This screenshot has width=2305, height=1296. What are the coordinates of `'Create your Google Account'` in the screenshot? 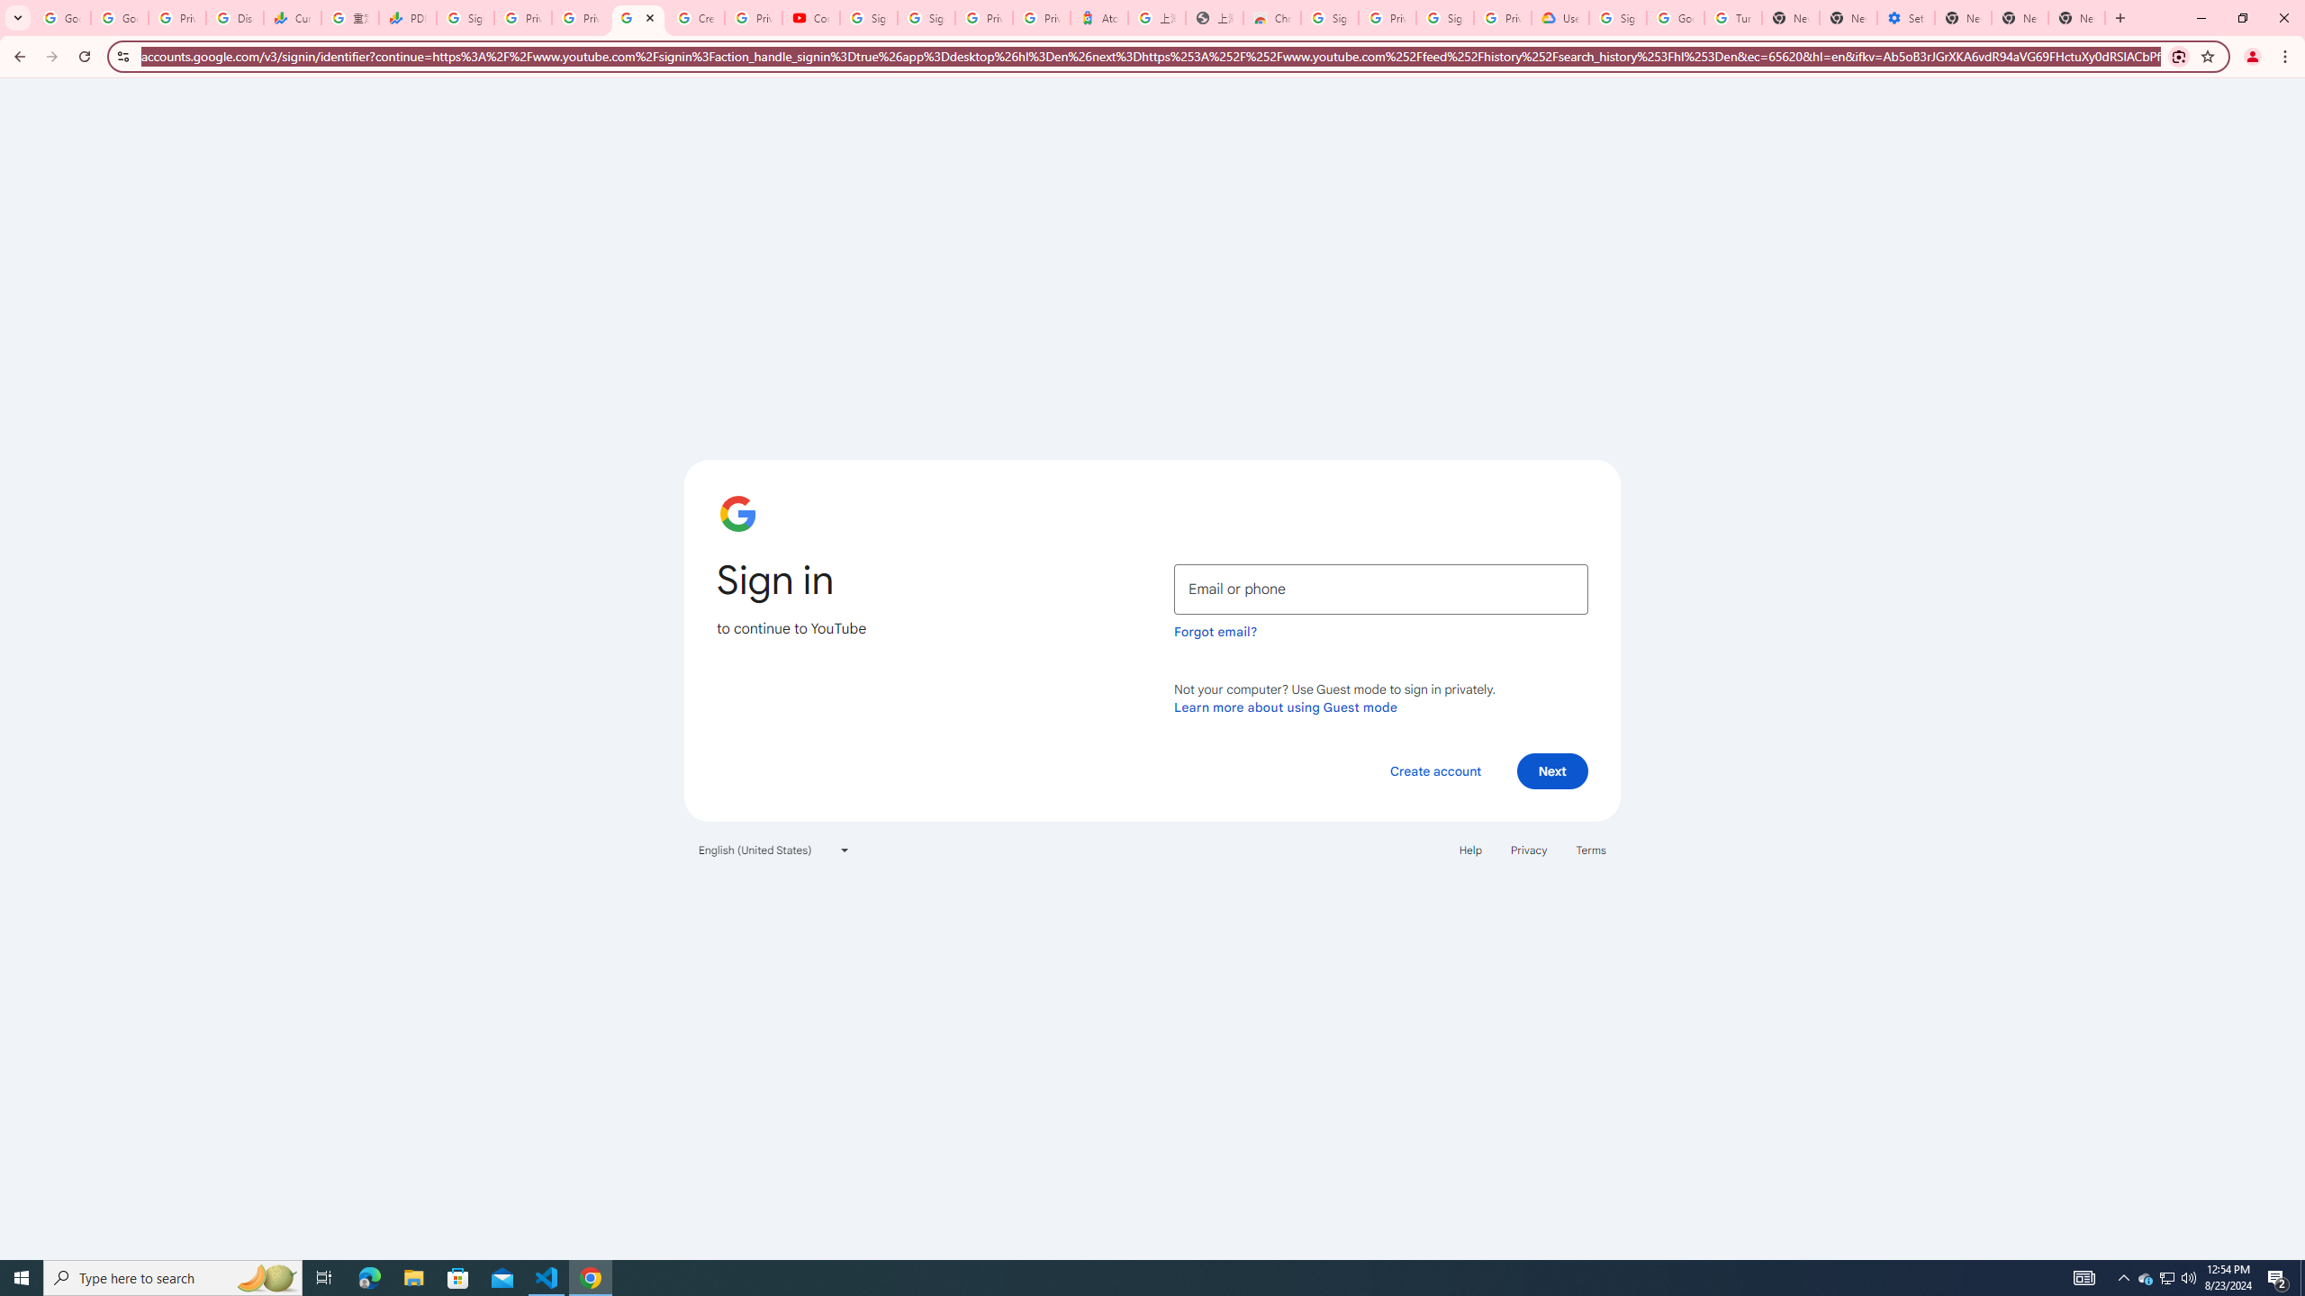 It's located at (696, 17).